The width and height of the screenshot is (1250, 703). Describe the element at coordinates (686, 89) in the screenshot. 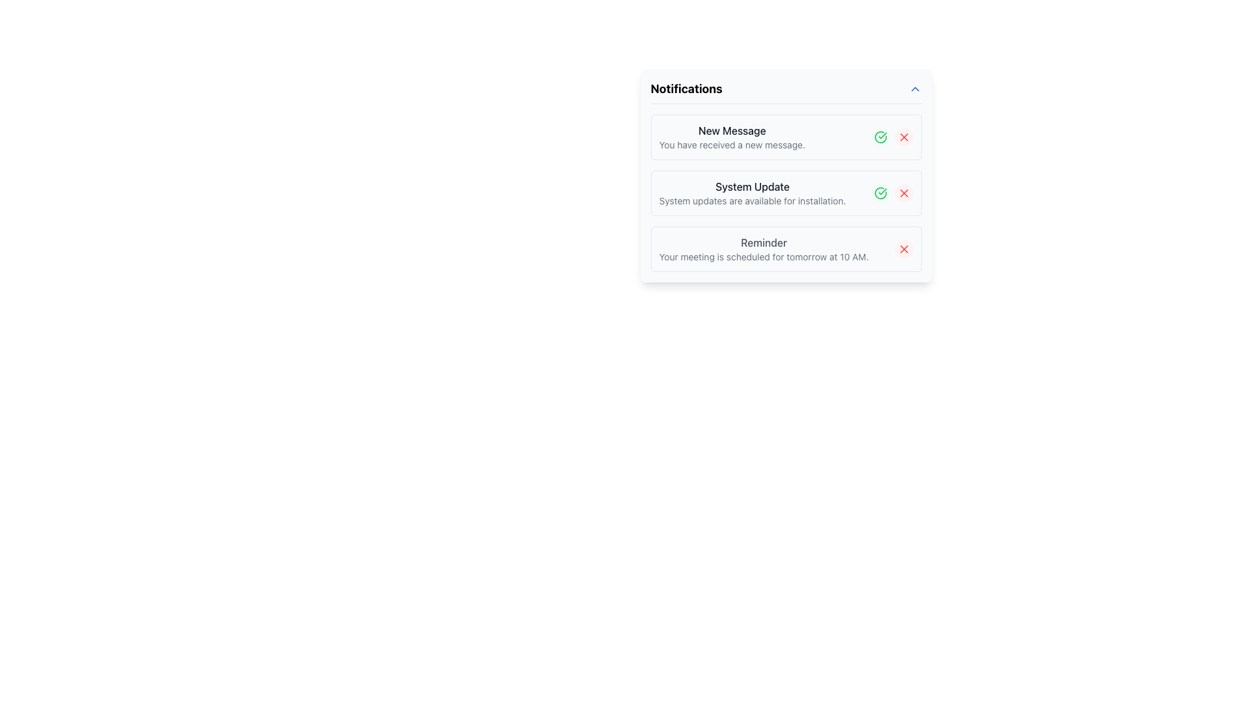

I see `the static text label that serves as the title for the notifications panel, which is positioned at the top left of the notification section` at that location.